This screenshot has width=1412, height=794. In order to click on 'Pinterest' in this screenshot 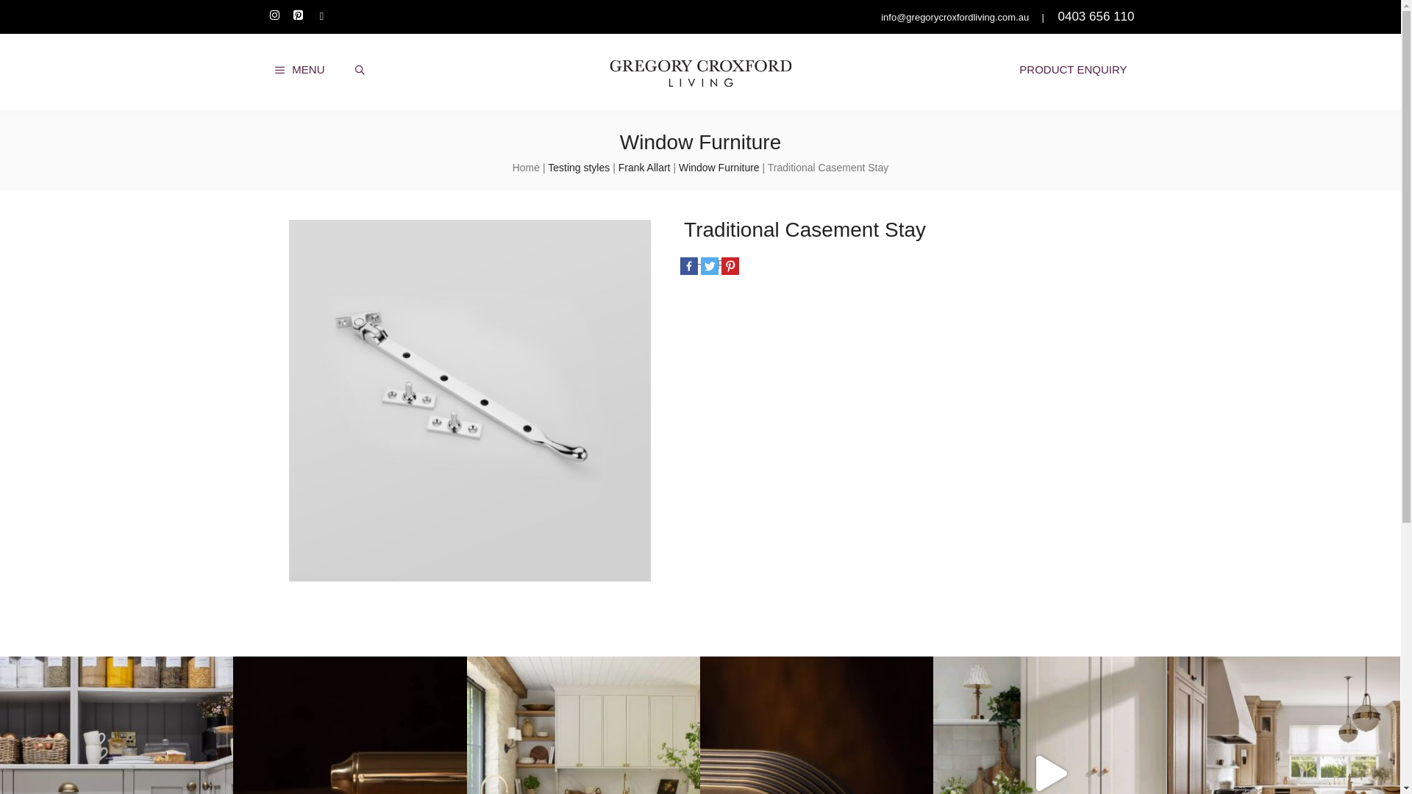, I will do `click(730, 266)`.